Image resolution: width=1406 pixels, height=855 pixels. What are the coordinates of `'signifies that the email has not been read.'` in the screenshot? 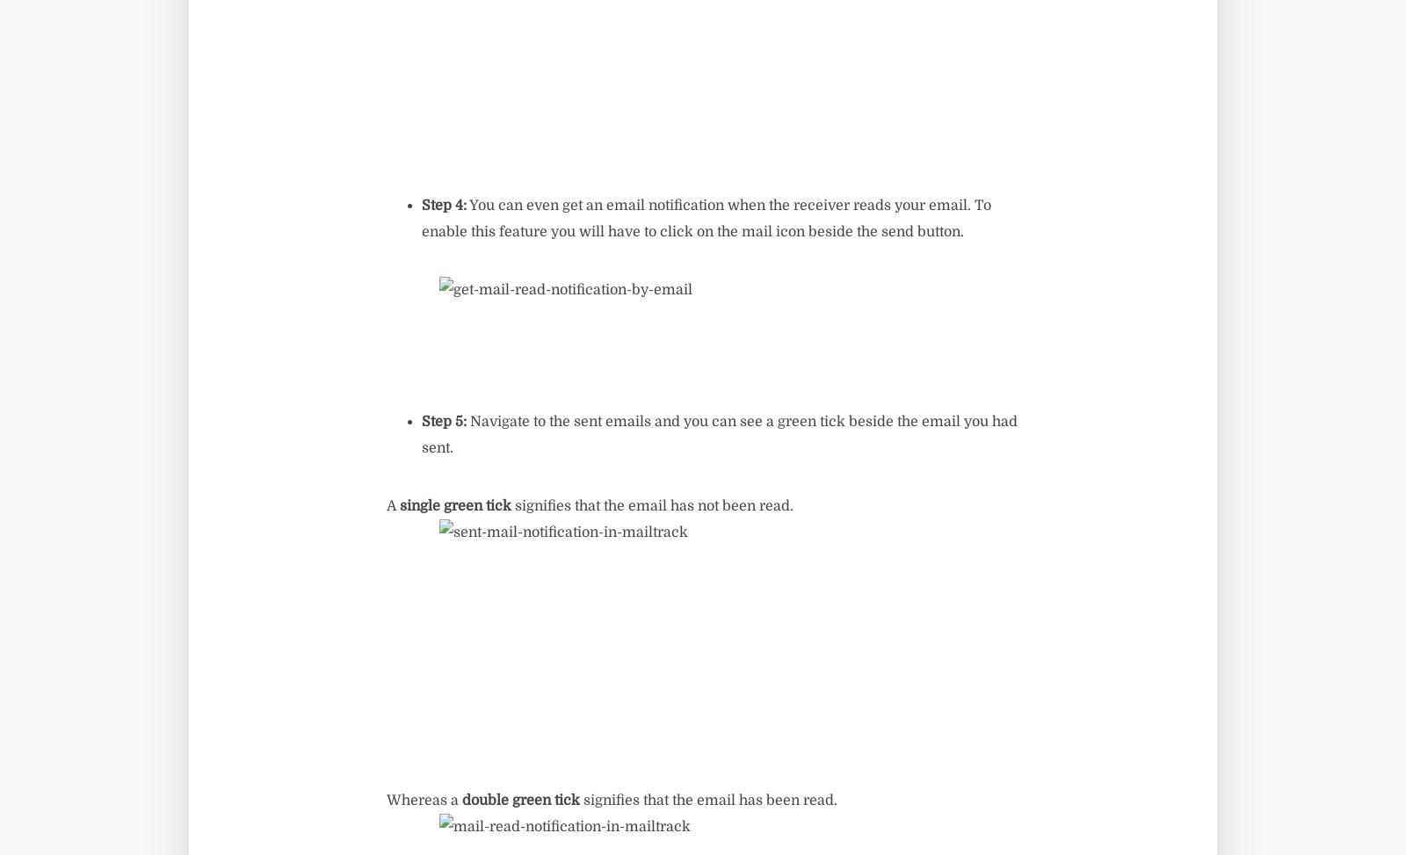 It's located at (652, 506).